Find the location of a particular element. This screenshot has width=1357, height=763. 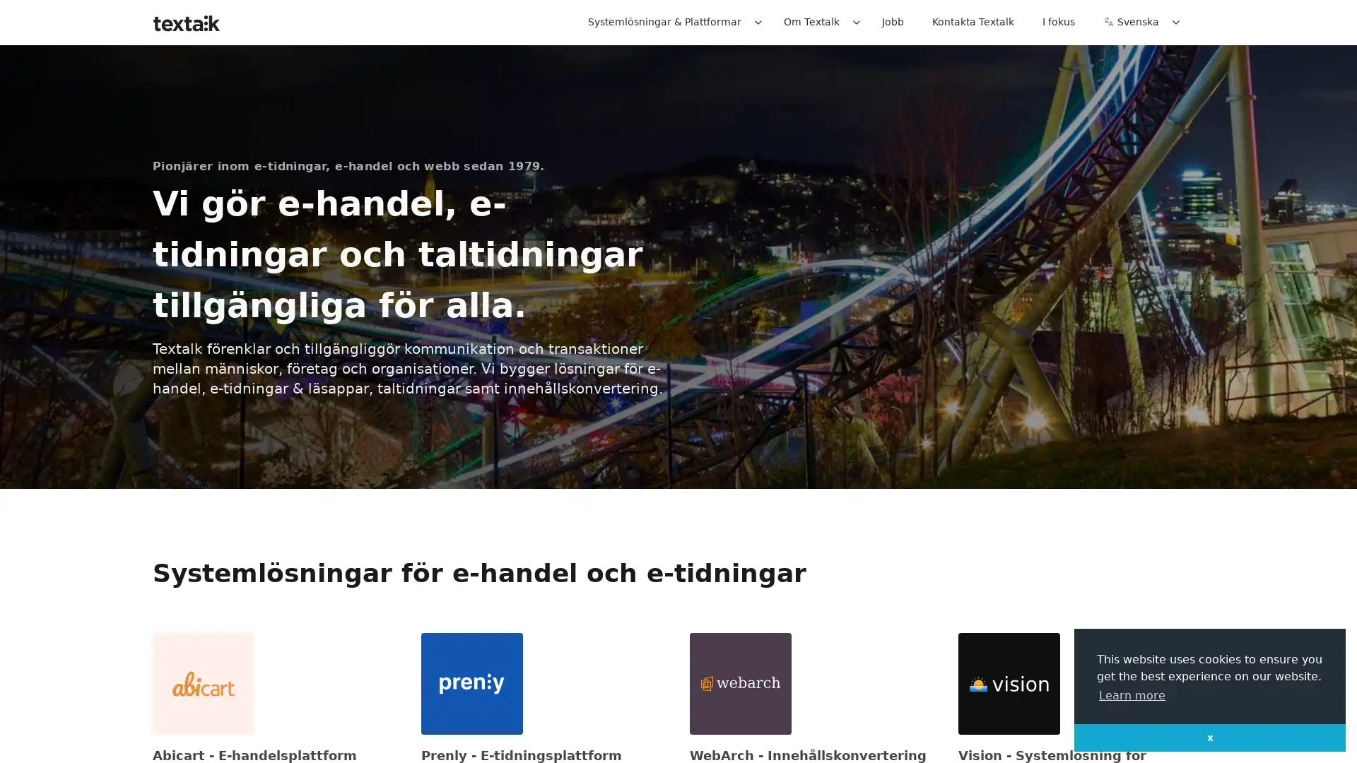

Expand / collapse menu is located at coordinates (1174, 21).